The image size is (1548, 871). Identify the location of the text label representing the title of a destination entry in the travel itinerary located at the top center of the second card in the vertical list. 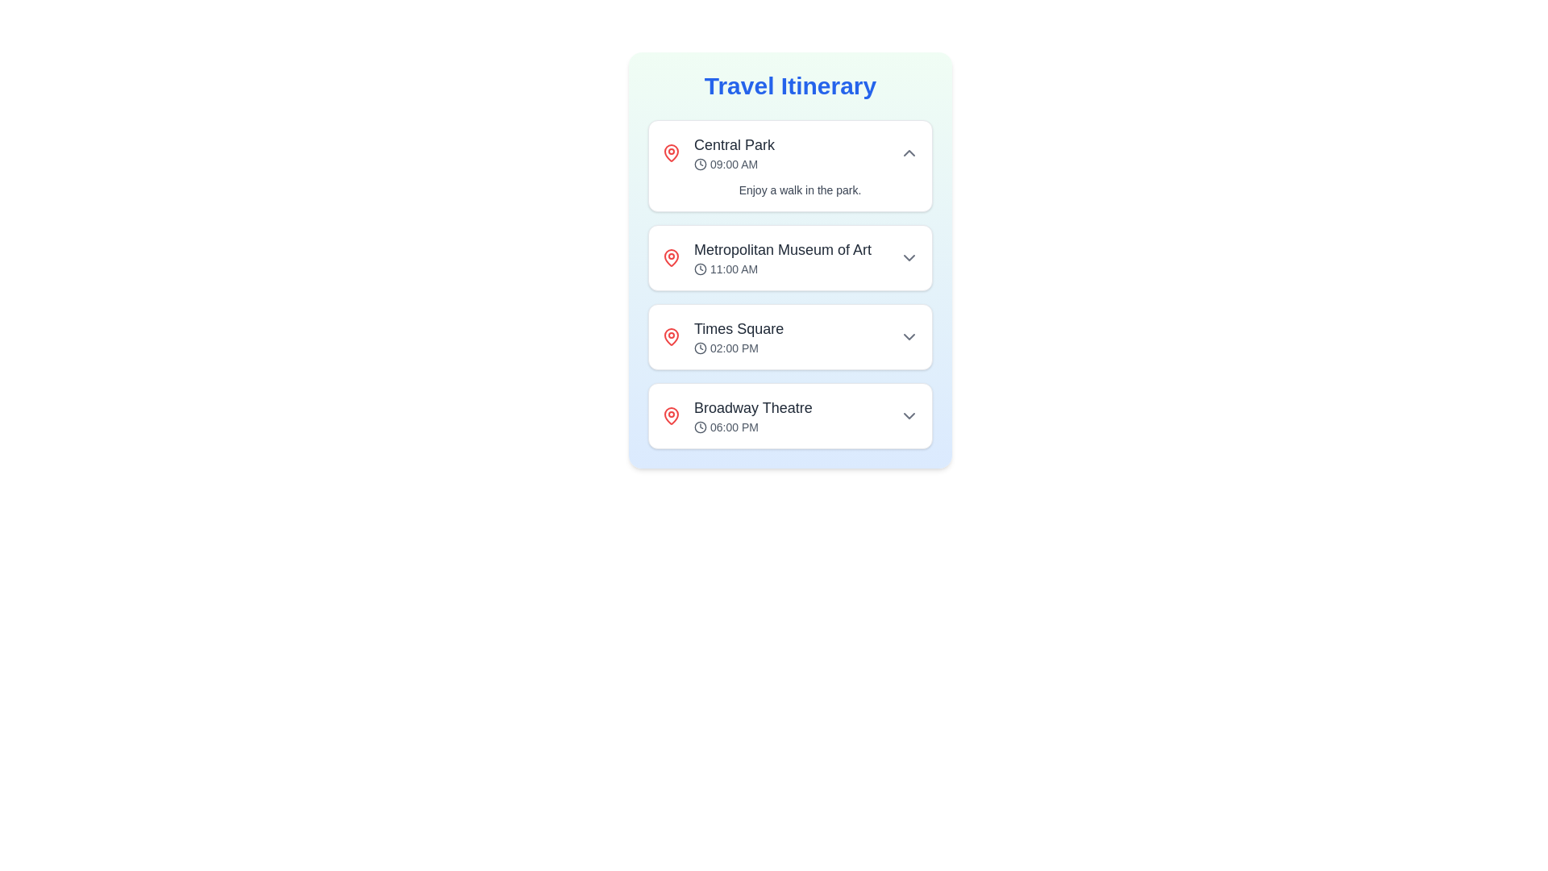
(783, 249).